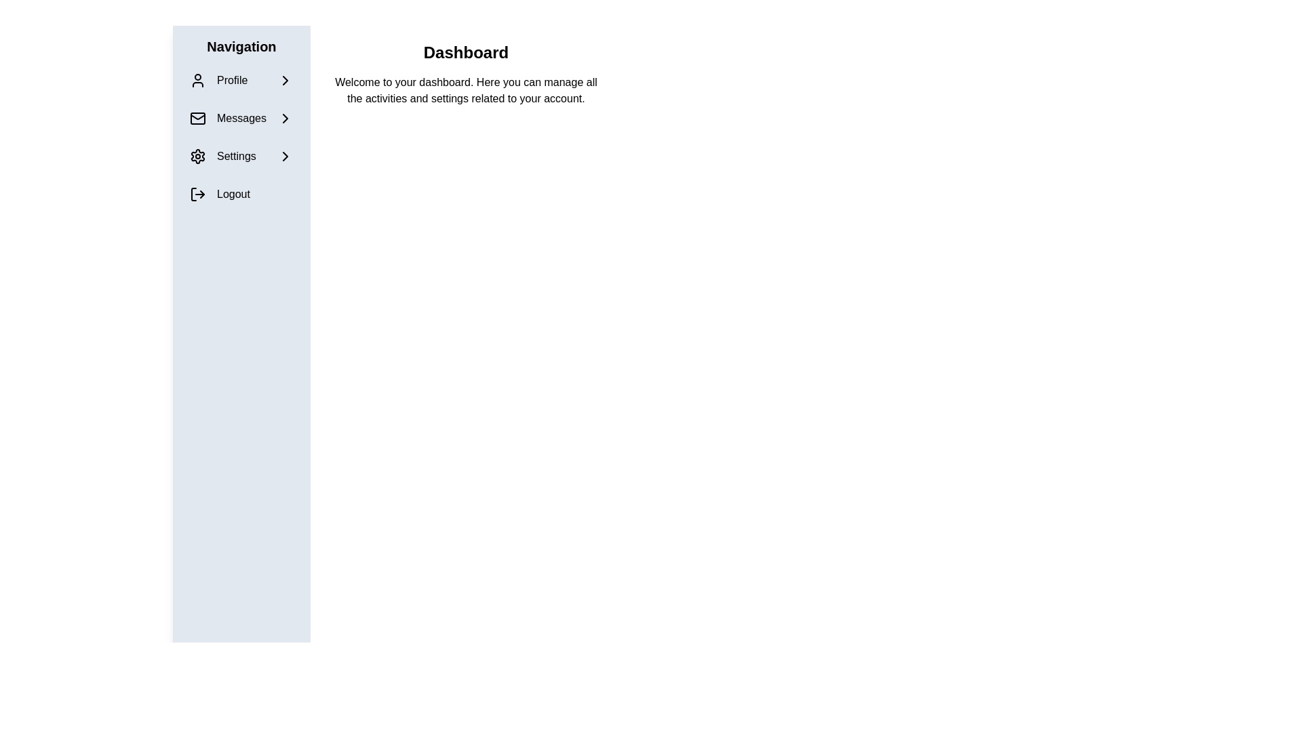 The height and width of the screenshot is (732, 1302). I want to click on the minimalist right-pointing chevron icon, which is a black outline with rounded edges located to the far right of the 'Settings' menu item in the side navigation bar, so click(284, 156).